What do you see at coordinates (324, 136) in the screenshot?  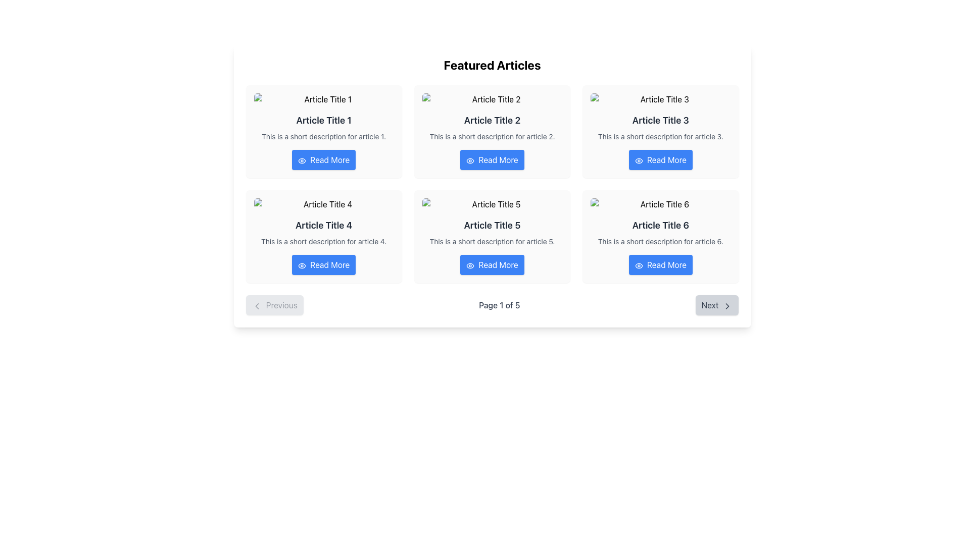 I see `text content in the Text block located below 'Article Title 1' and above the 'Read More' button in the first tile of the grid` at bounding box center [324, 136].